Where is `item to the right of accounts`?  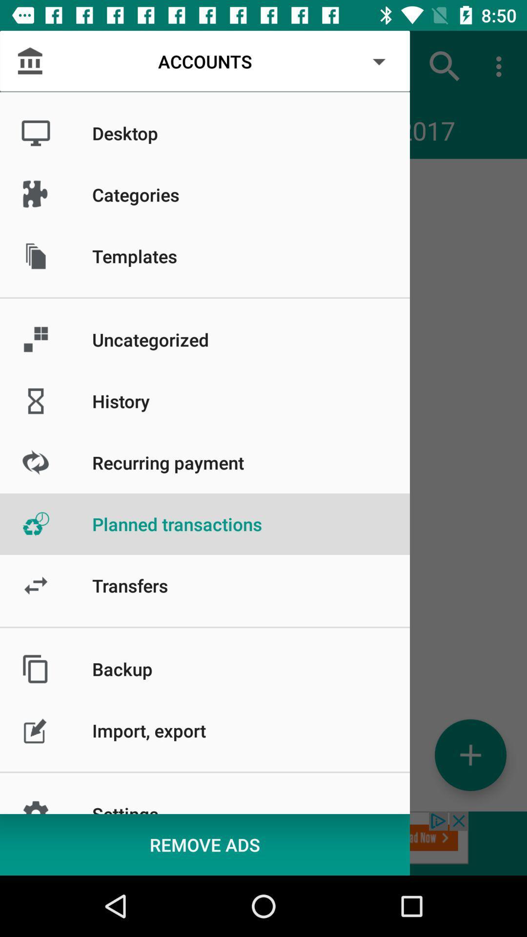 item to the right of accounts is located at coordinates (445, 66).